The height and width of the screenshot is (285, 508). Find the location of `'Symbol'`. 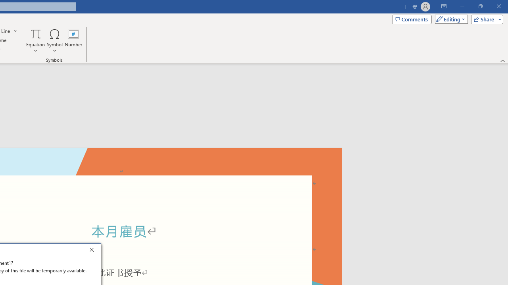

'Symbol' is located at coordinates (54, 41).